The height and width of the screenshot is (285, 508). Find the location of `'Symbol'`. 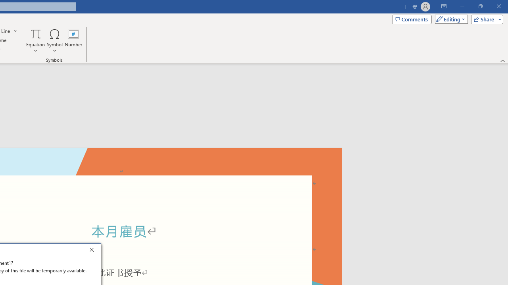

'Symbol' is located at coordinates (54, 41).